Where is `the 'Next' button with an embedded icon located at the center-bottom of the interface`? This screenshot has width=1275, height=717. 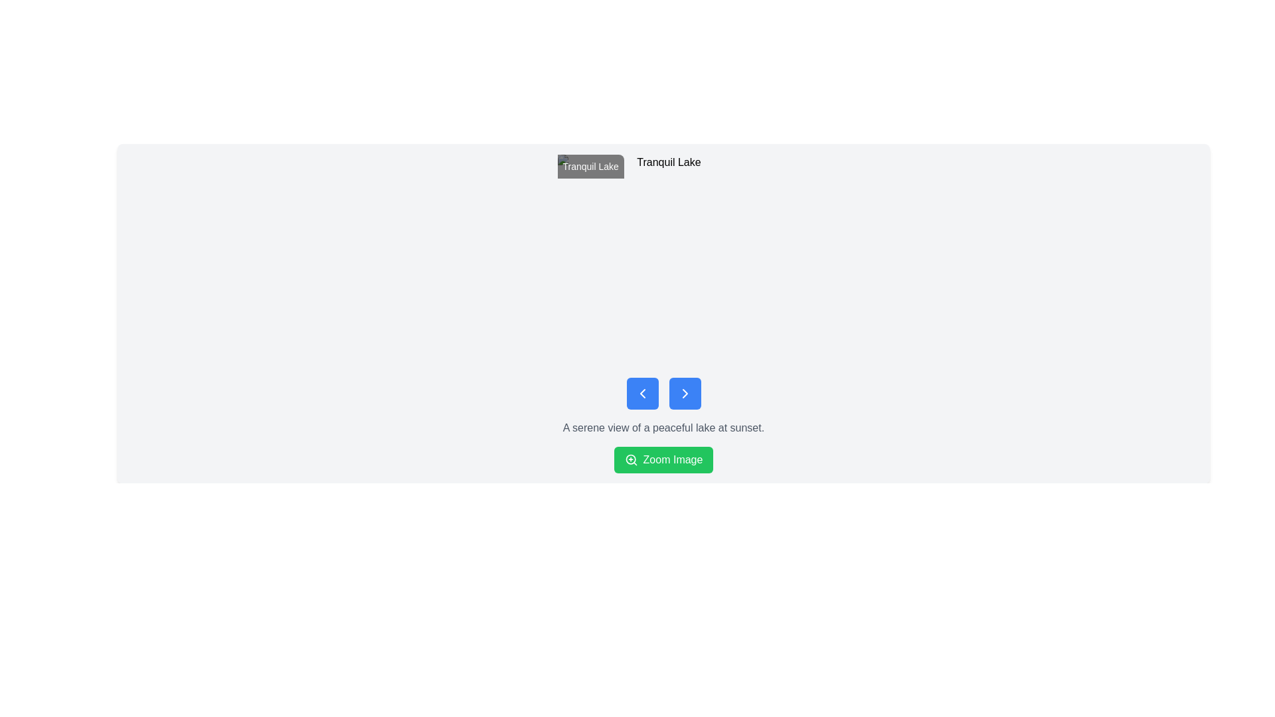 the 'Next' button with an embedded icon located at the center-bottom of the interface is located at coordinates (685, 393).